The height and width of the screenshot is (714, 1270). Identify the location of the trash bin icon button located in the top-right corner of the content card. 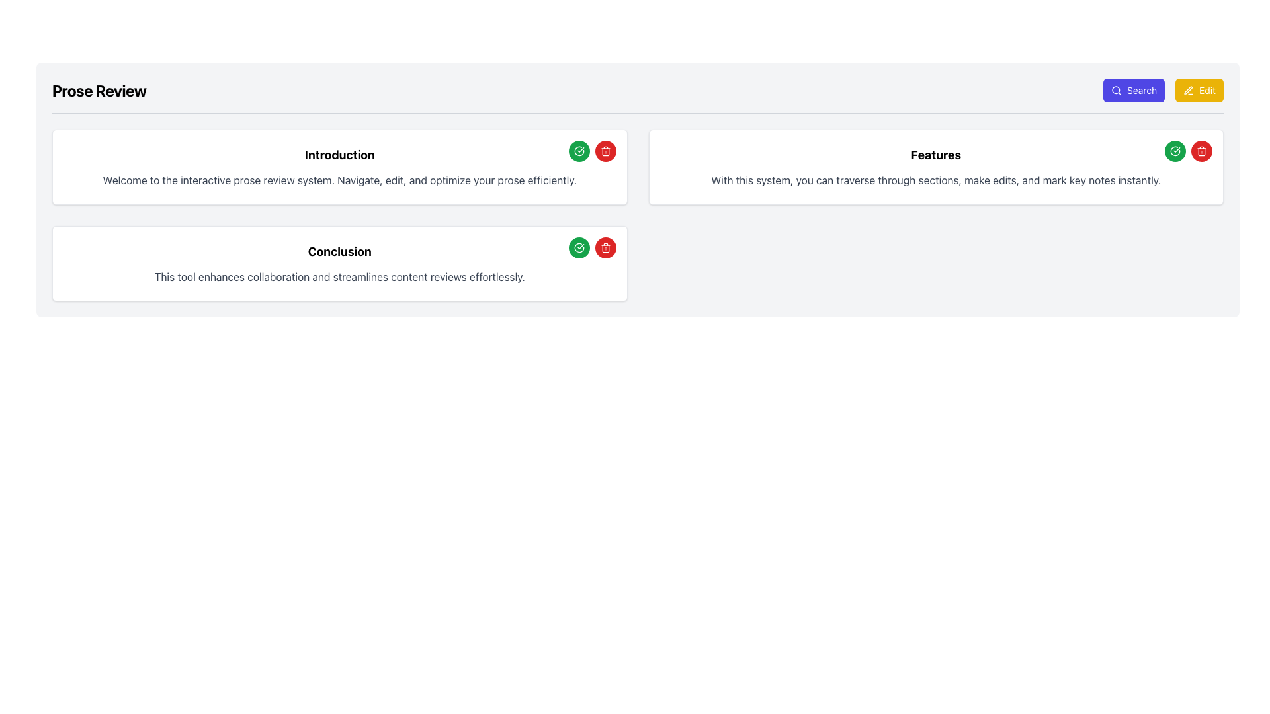
(605, 247).